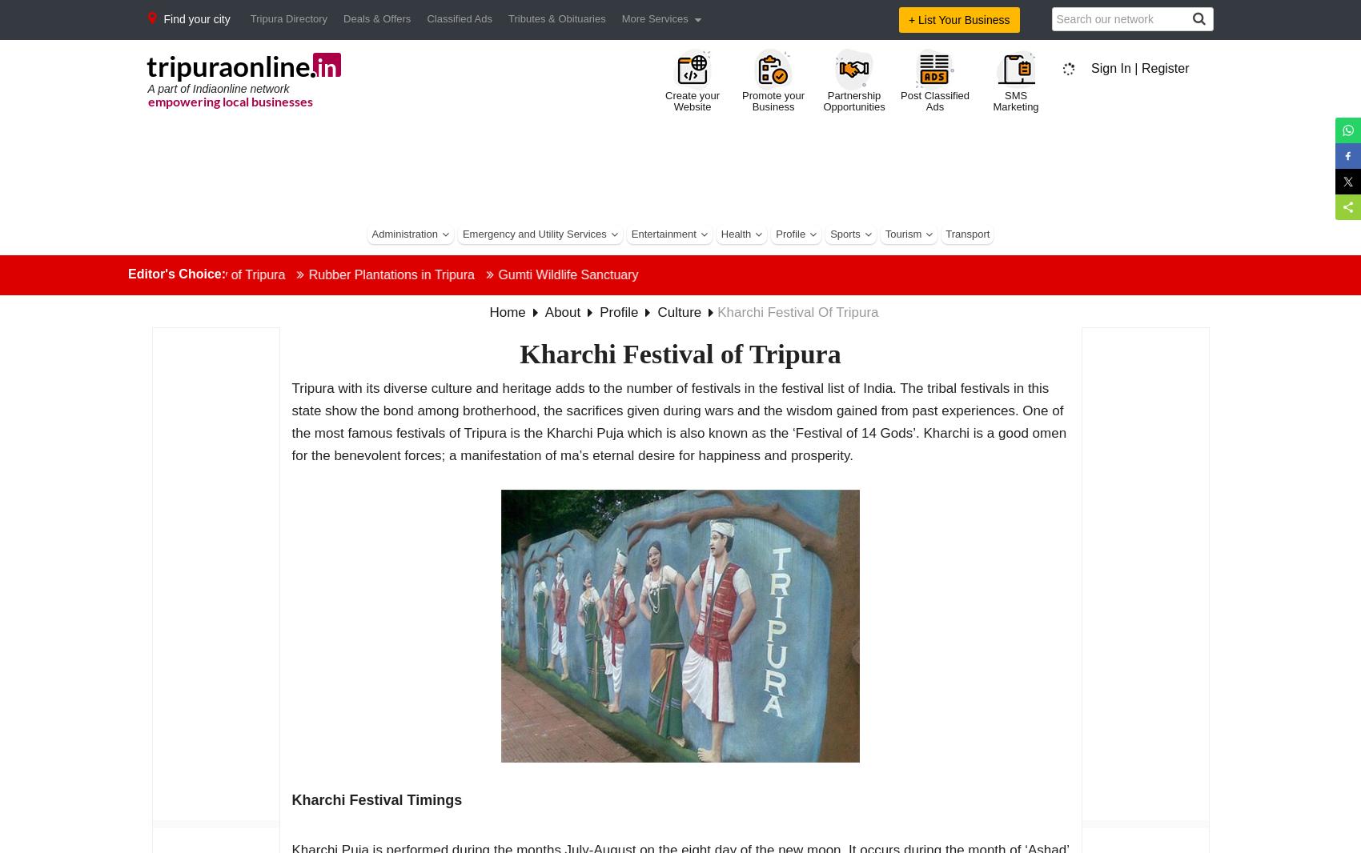  I want to click on 'Kharchi Festival Timings', so click(376, 800).